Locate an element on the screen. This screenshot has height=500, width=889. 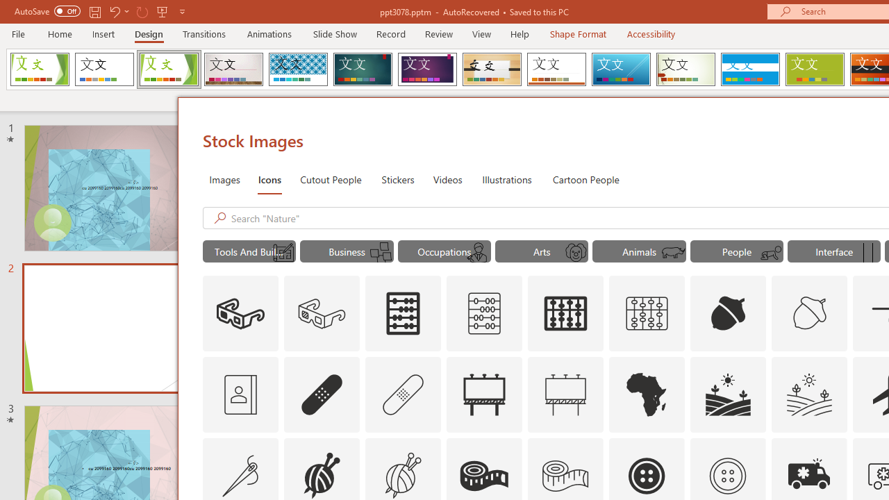
'AutomationID: Icons_Blueprint_M' is located at coordinates (283, 253).